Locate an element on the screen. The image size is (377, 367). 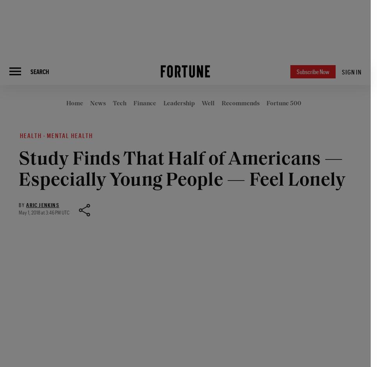
'May 1, 2018 at 3:46 PM UTC' is located at coordinates (19, 212).